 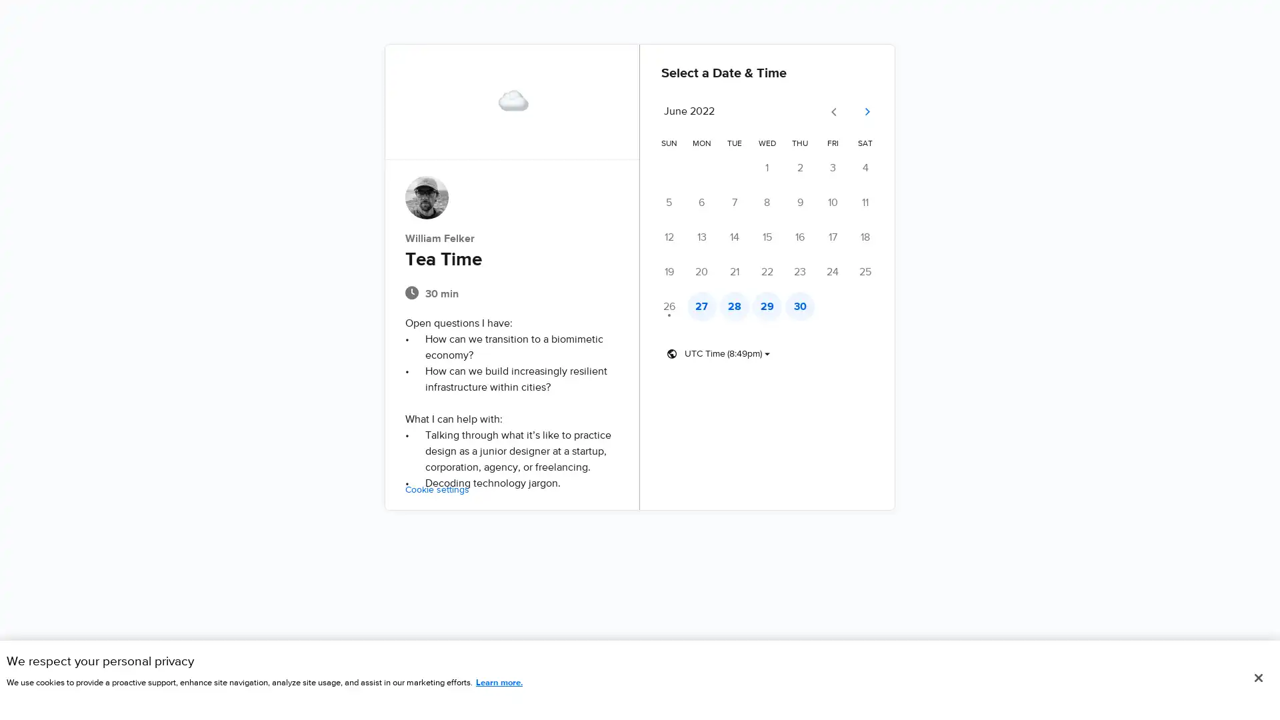 What do you see at coordinates (737, 306) in the screenshot?
I see `Tuesday, June 28 - Times available` at bounding box center [737, 306].